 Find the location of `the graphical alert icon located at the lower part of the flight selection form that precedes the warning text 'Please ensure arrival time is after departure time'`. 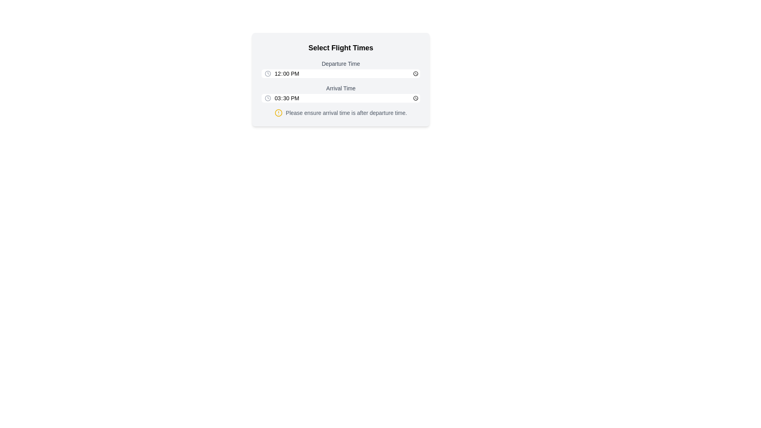

the graphical alert icon located at the lower part of the flight selection form that precedes the warning text 'Please ensure arrival time is after departure time' is located at coordinates (279, 113).